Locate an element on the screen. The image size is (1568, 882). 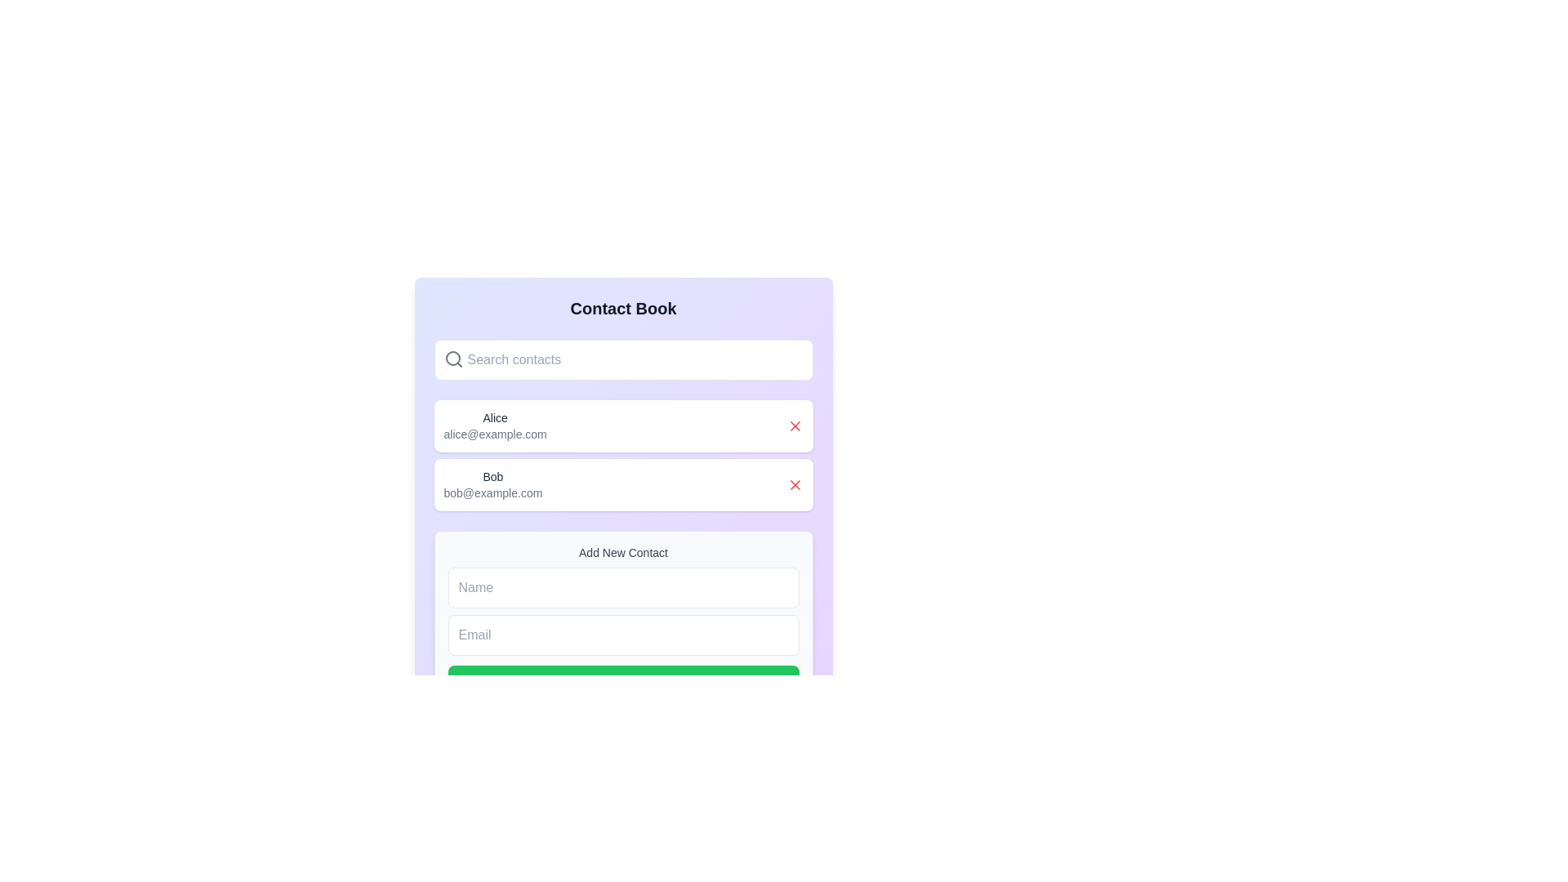
text display area containing the name 'Bob' and the email 'bob@example.com' in the second contact card from the top in the contact list section is located at coordinates (492, 484).